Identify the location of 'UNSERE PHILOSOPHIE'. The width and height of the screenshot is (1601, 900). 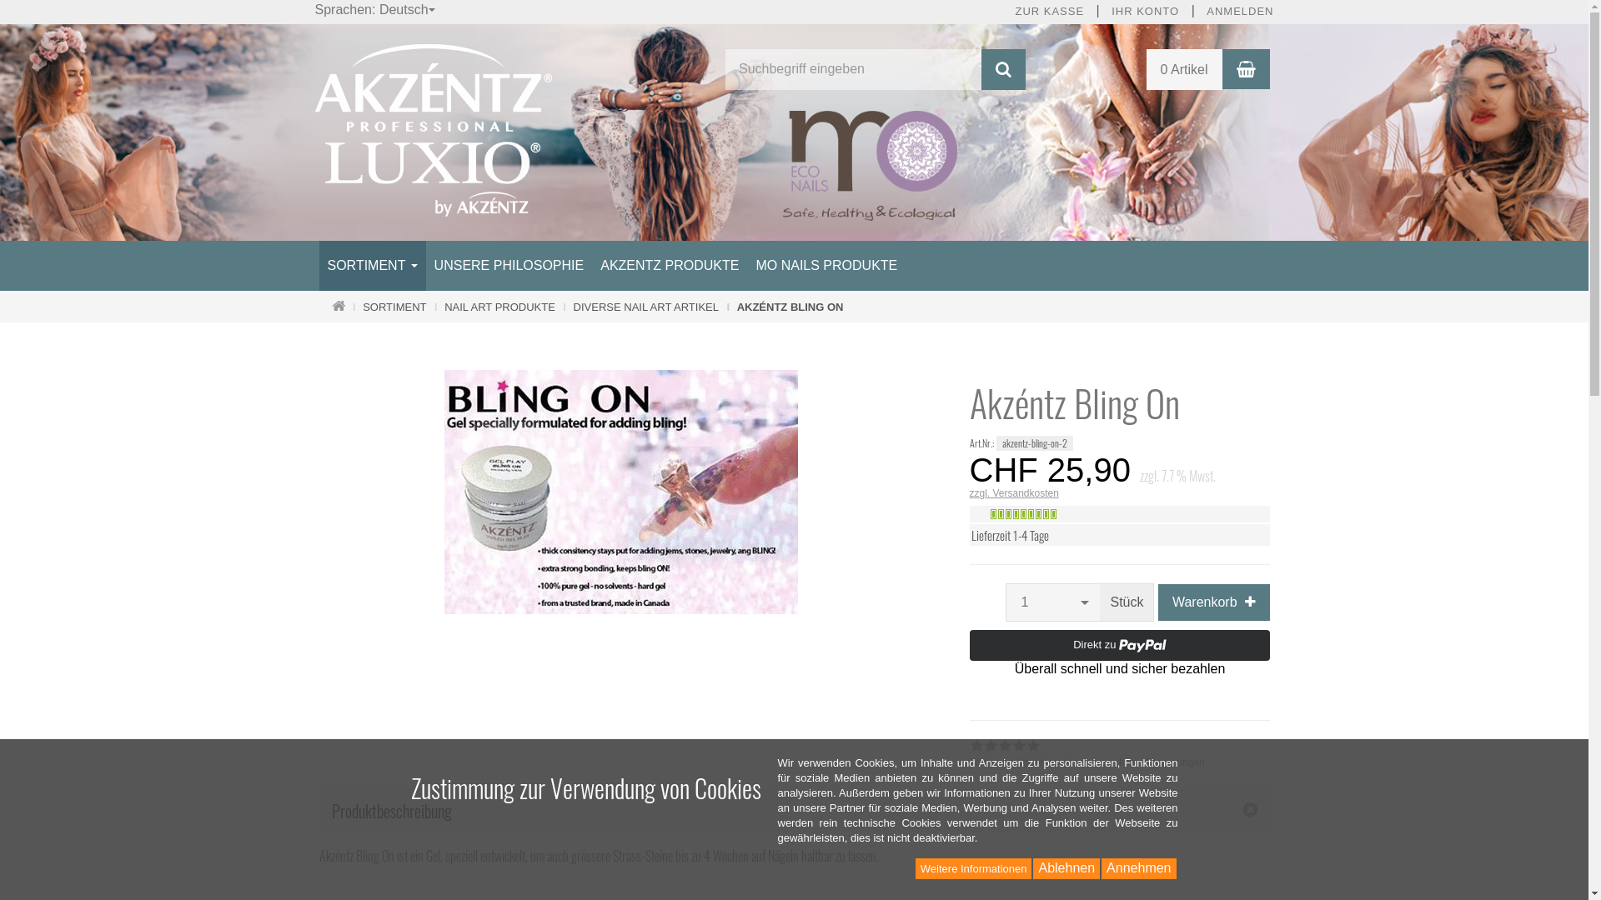
(508, 265).